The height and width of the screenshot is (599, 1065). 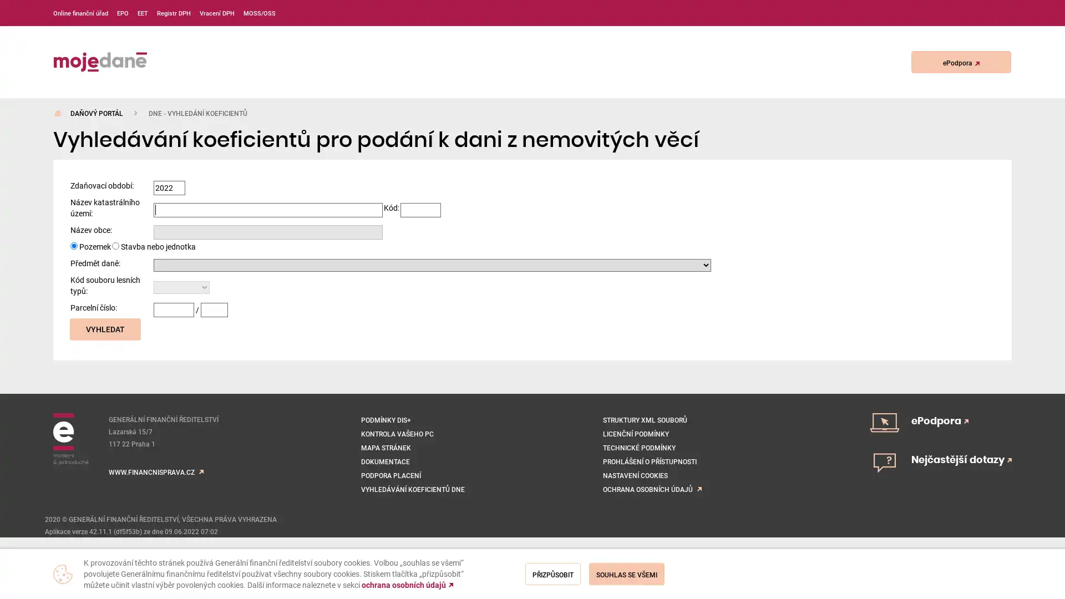 I want to click on Vyhledat, so click(x=105, y=328).